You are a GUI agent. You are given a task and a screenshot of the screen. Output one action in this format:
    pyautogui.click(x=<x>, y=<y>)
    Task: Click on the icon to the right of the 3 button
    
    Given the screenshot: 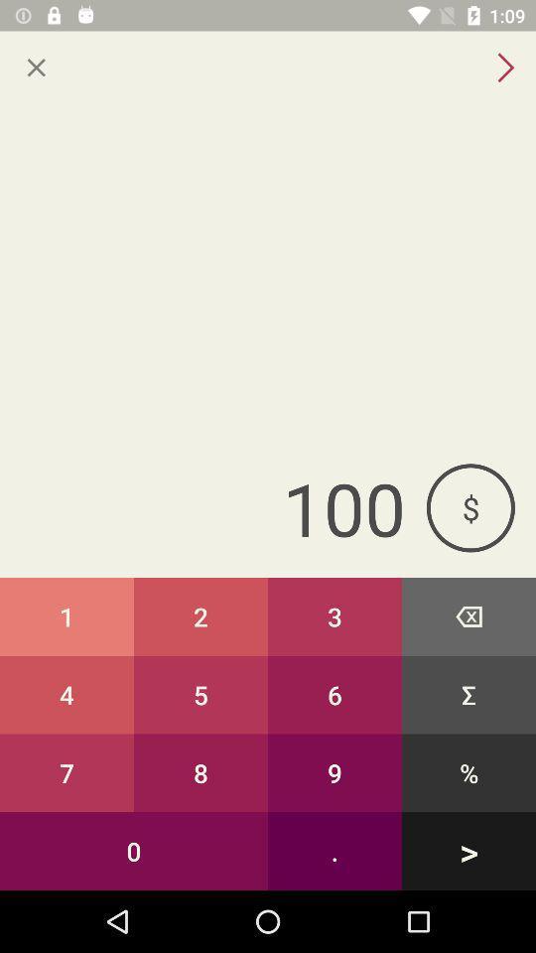 What is the action you would take?
    pyautogui.click(x=469, y=615)
    